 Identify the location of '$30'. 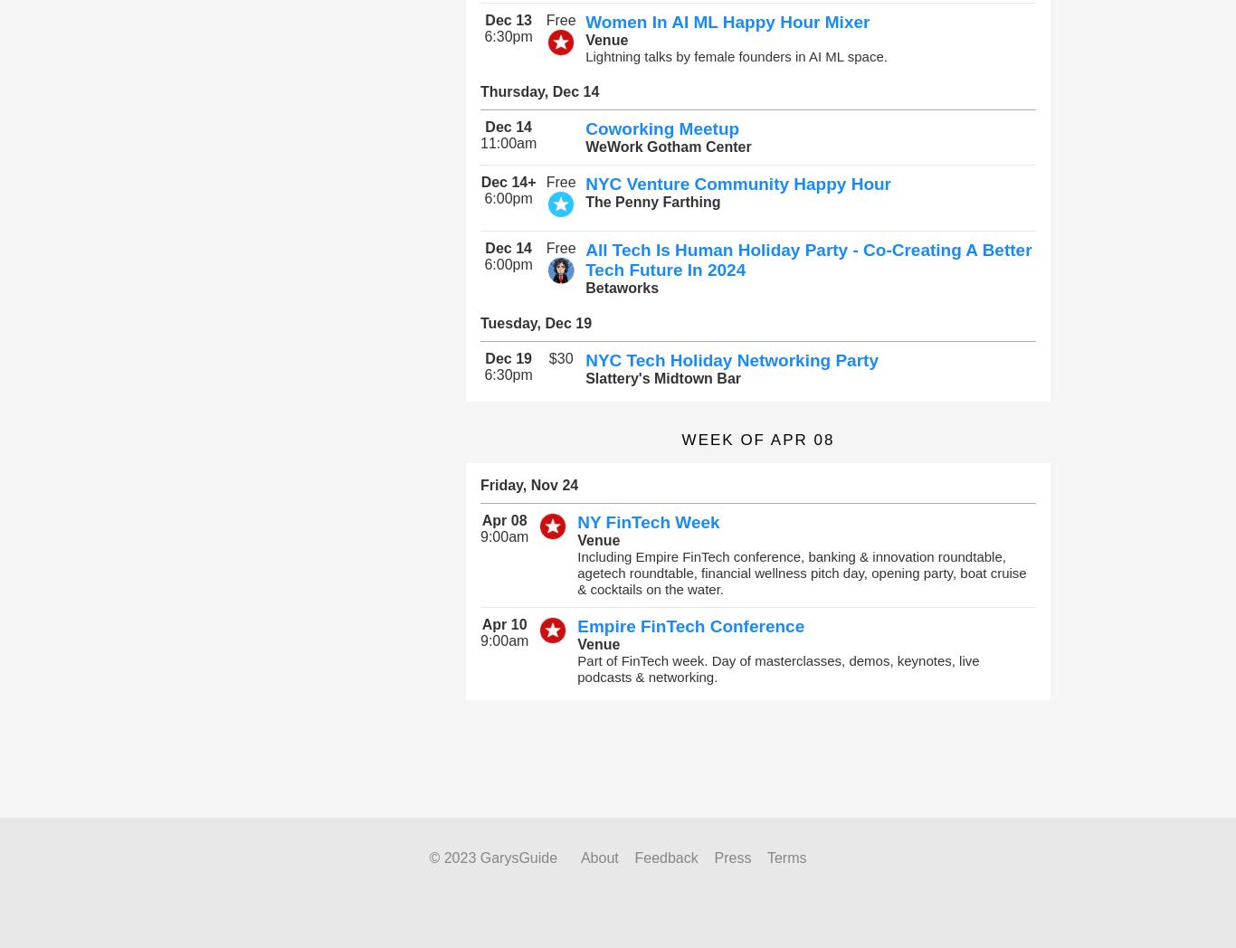
(559, 358).